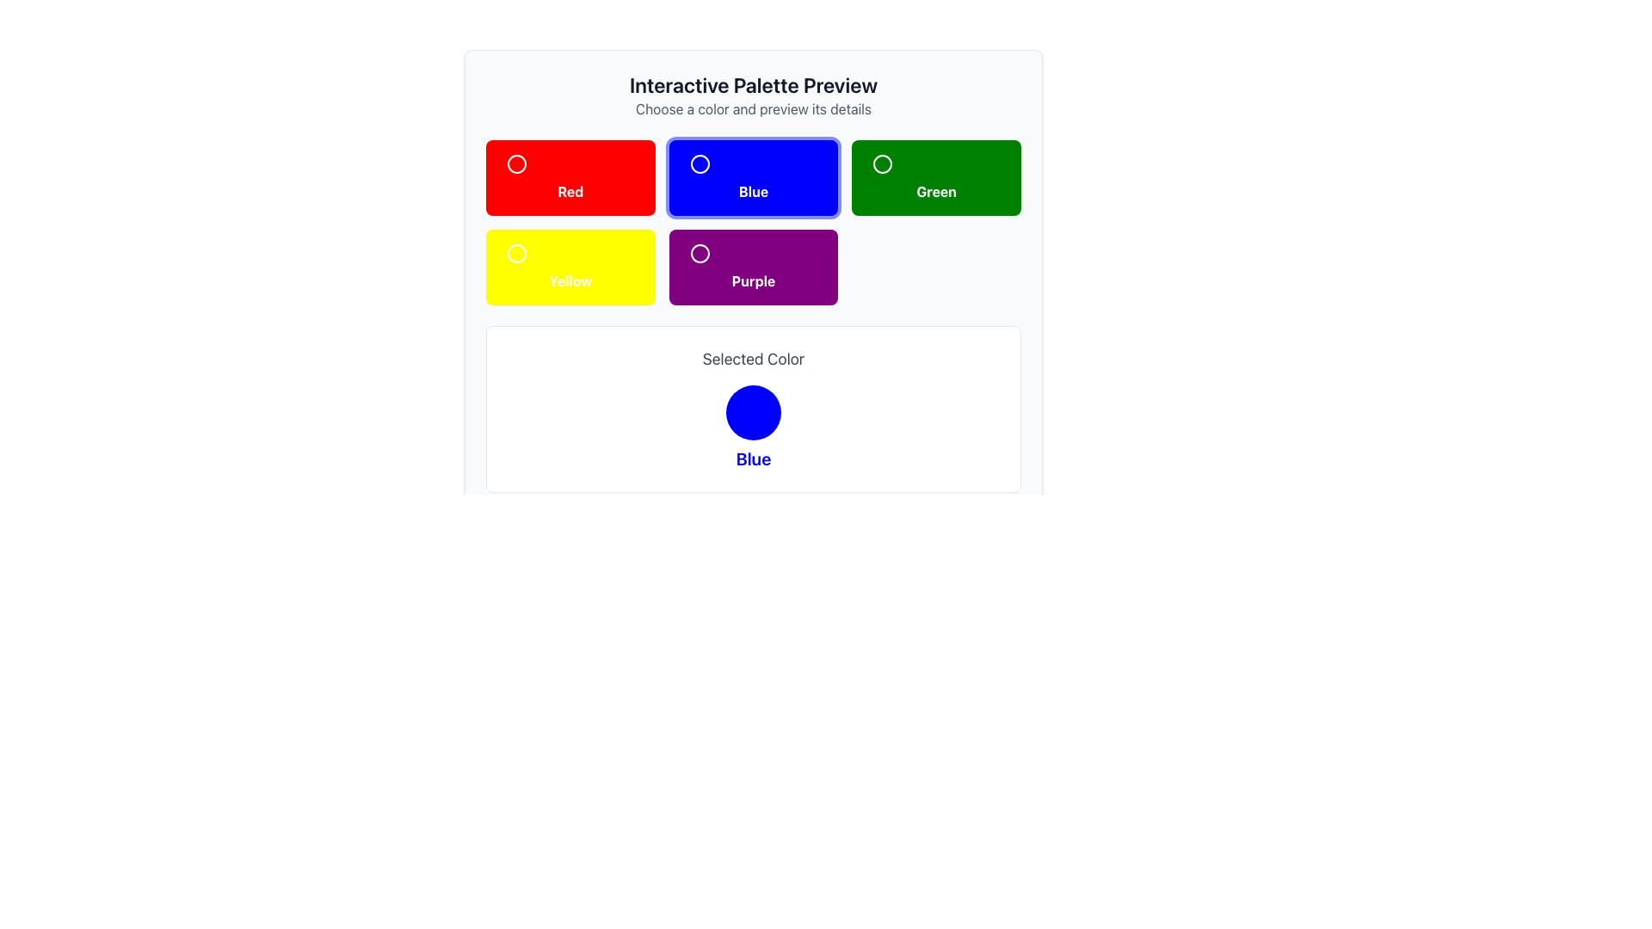 This screenshot has width=1652, height=929. What do you see at coordinates (753, 85) in the screenshot?
I see `the Header Text labeled 'Interactive Palette Preview', which is prominently displayed in bold, large-sized dark gray font at the top of the interface section` at bounding box center [753, 85].